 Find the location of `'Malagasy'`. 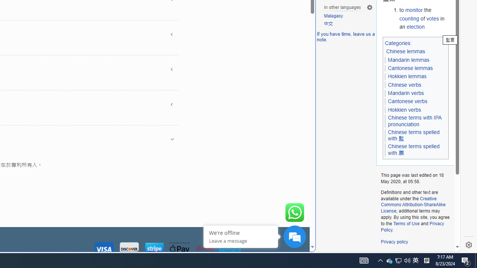

'Malagasy' is located at coordinates (348, 16).